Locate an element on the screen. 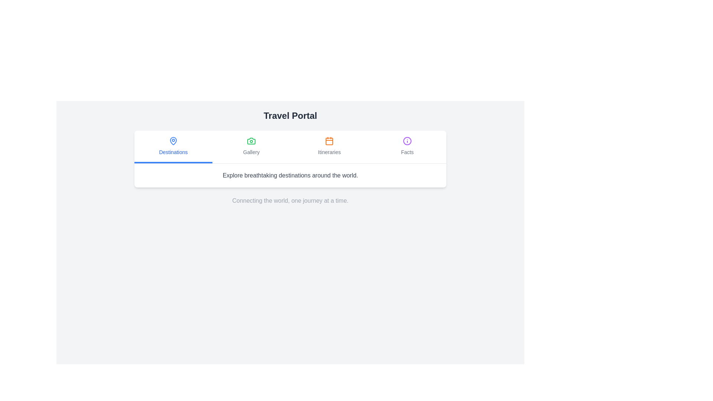 The image size is (713, 401). the green camera icon in the navigation bar is located at coordinates (251, 141).